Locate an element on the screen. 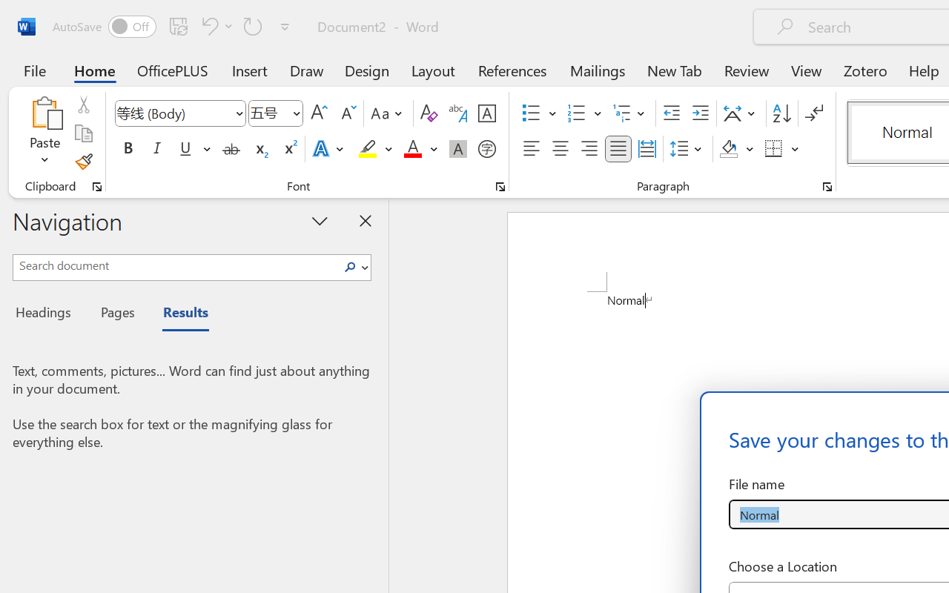  'Results' is located at coordinates (178, 314).